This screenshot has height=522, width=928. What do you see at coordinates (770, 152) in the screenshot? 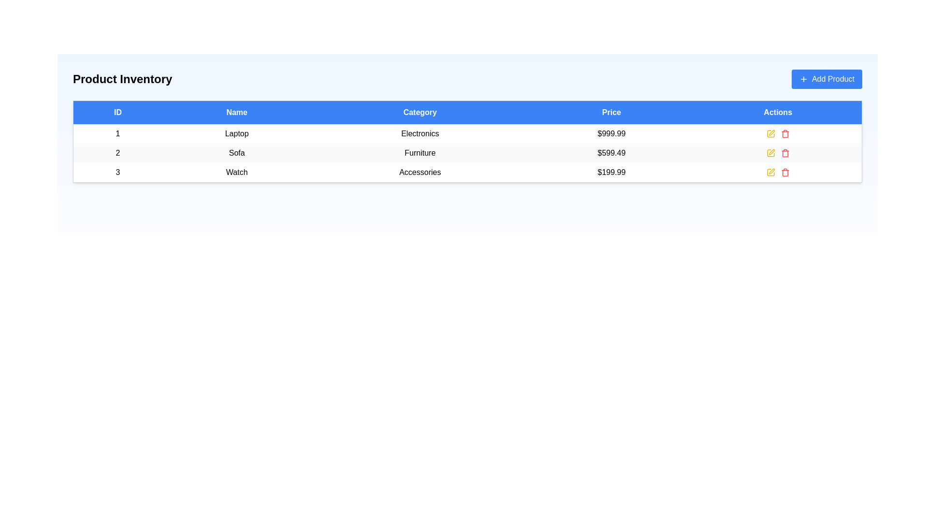
I see `the yellow outlined square icon in the actions column of the second row of the product inventory table to initiate editing for the product 'Sofa'` at bounding box center [770, 152].